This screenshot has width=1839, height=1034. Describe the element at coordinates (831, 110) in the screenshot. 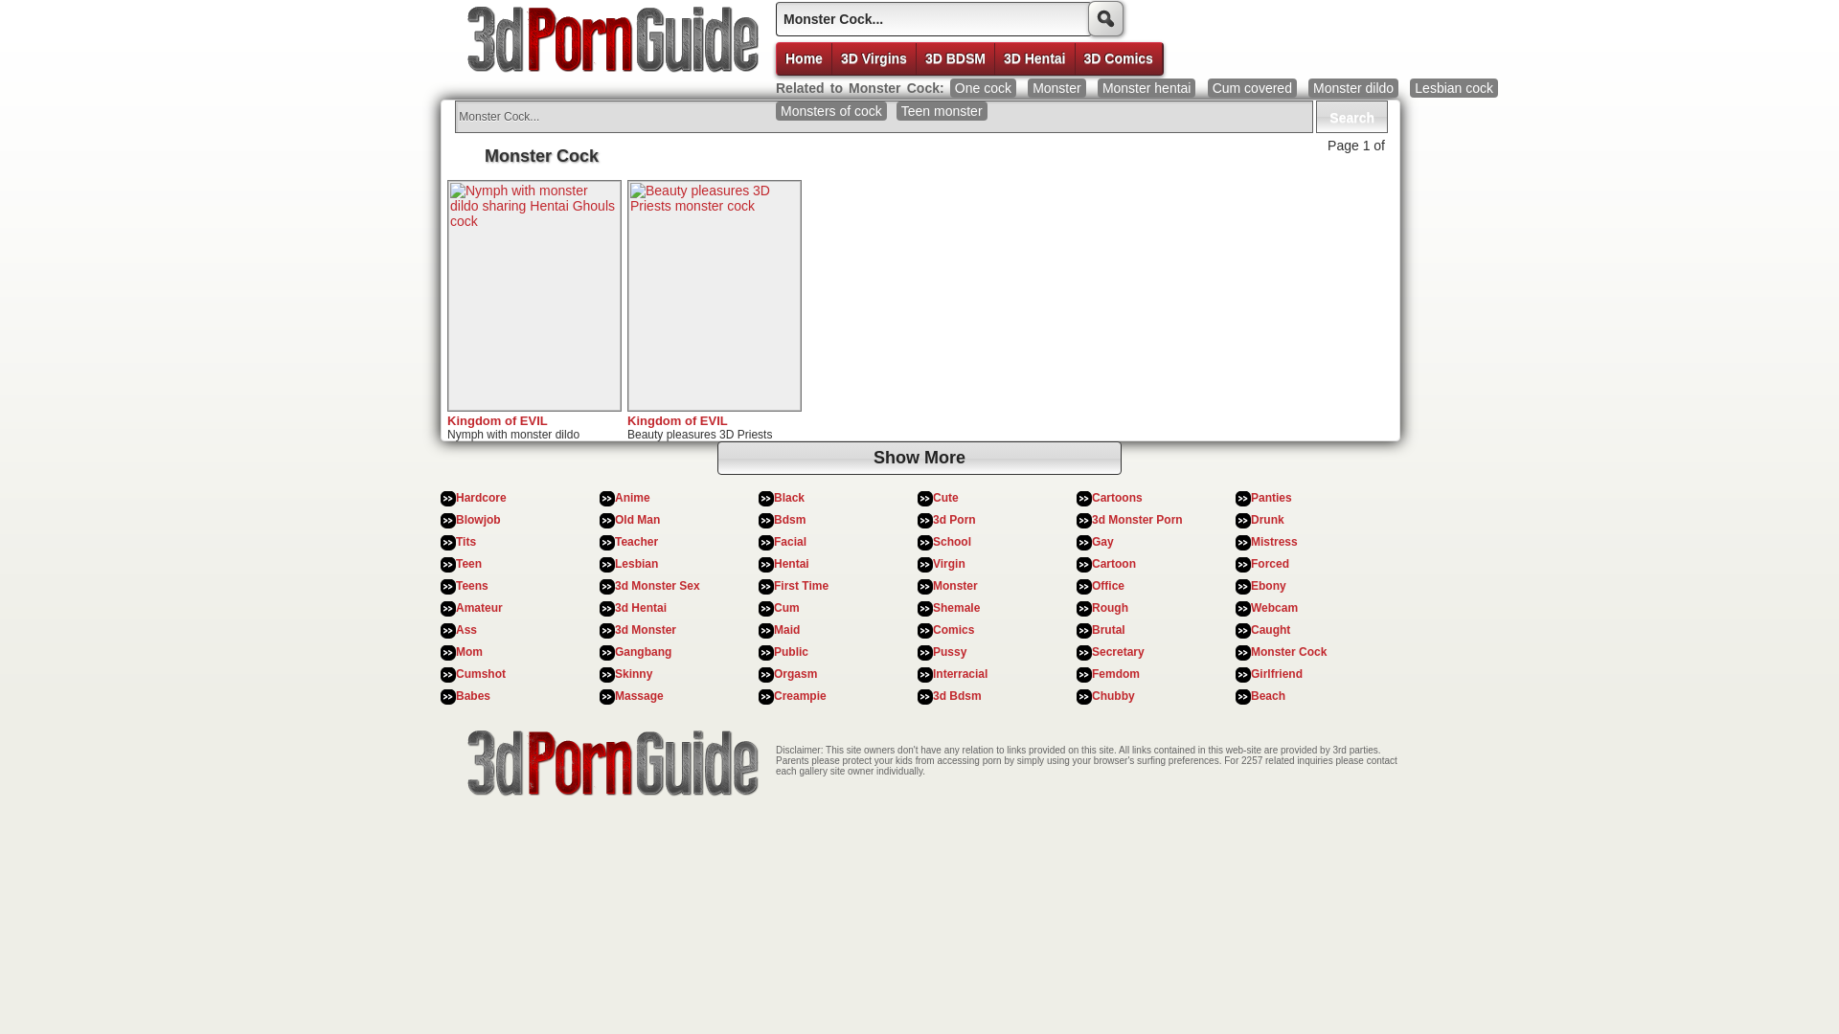

I see `'Monsters of cock'` at that location.